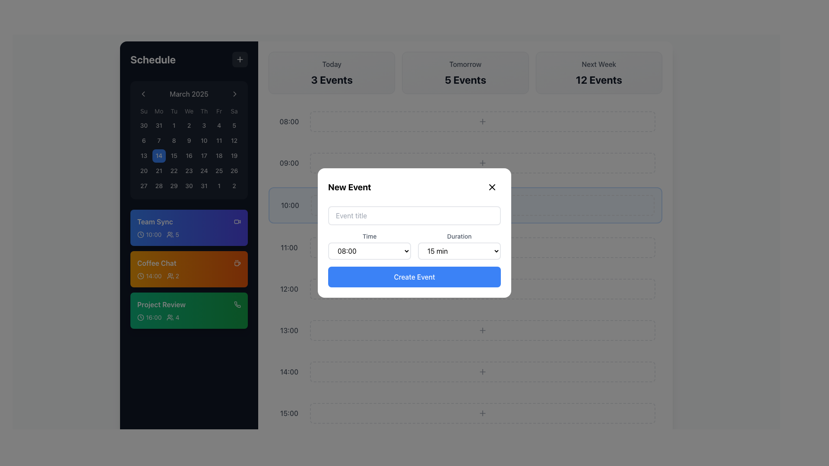 Image resolution: width=829 pixels, height=466 pixels. What do you see at coordinates (188, 171) in the screenshot?
I see `the button displaying the number '23' with a dark background and rounded corners` at bounding box center [188, 171].